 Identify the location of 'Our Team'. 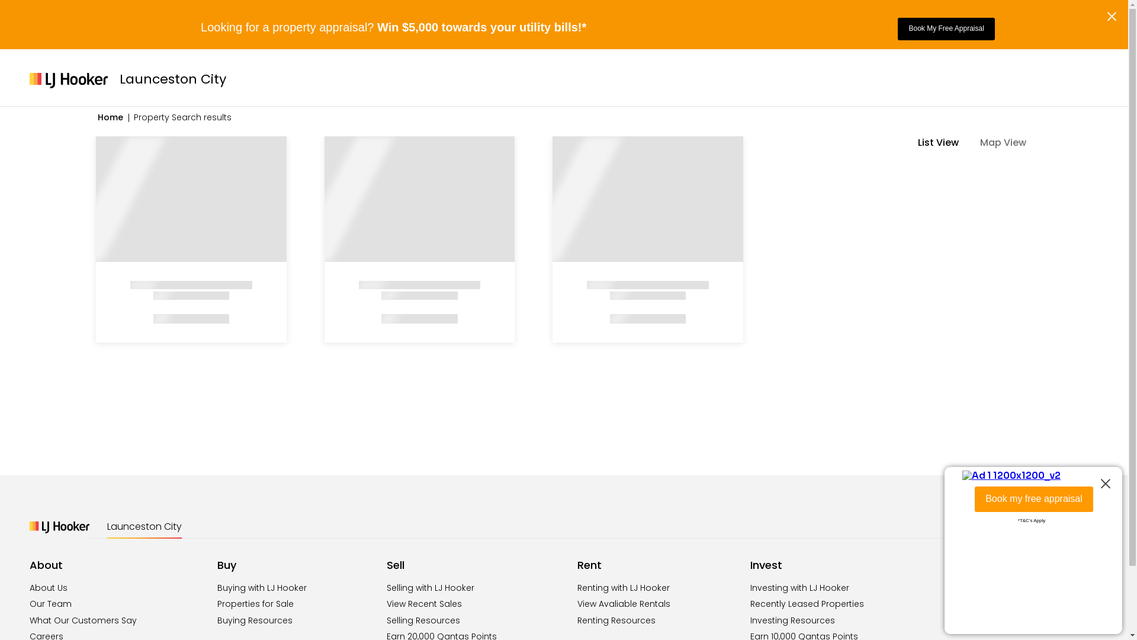
(29, 603).